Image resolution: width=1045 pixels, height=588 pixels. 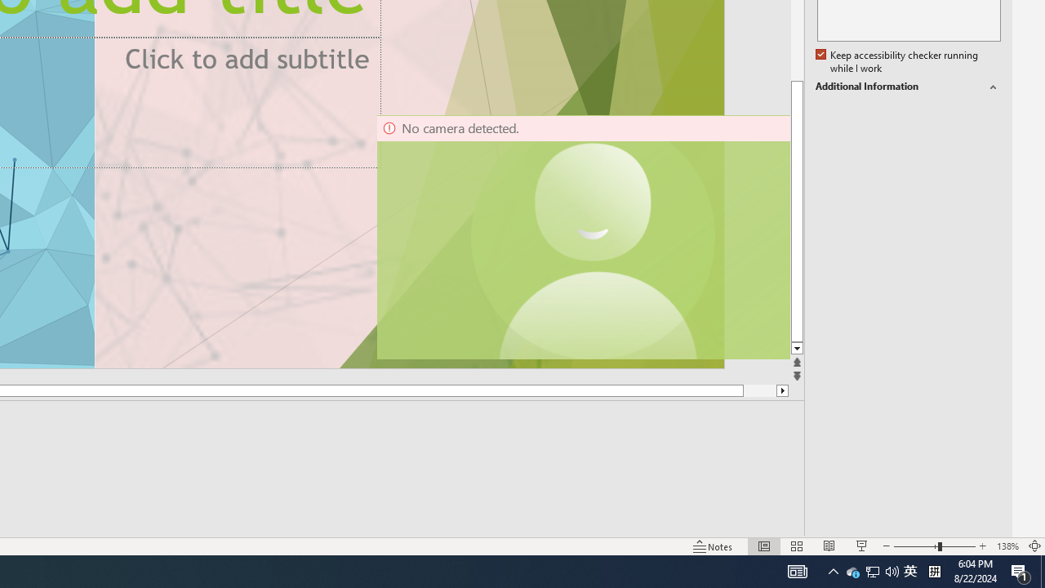 I want to click on 'Line down', so click(x=797, y=348).